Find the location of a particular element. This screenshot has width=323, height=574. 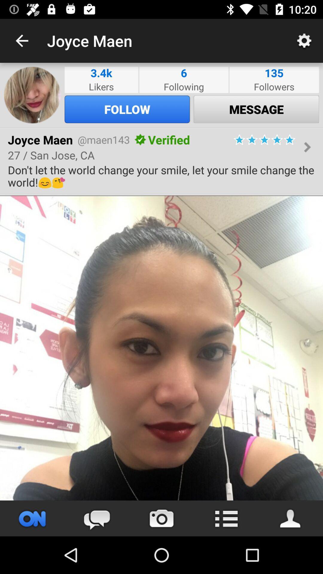

open chat is located at coordinates (97, 518).